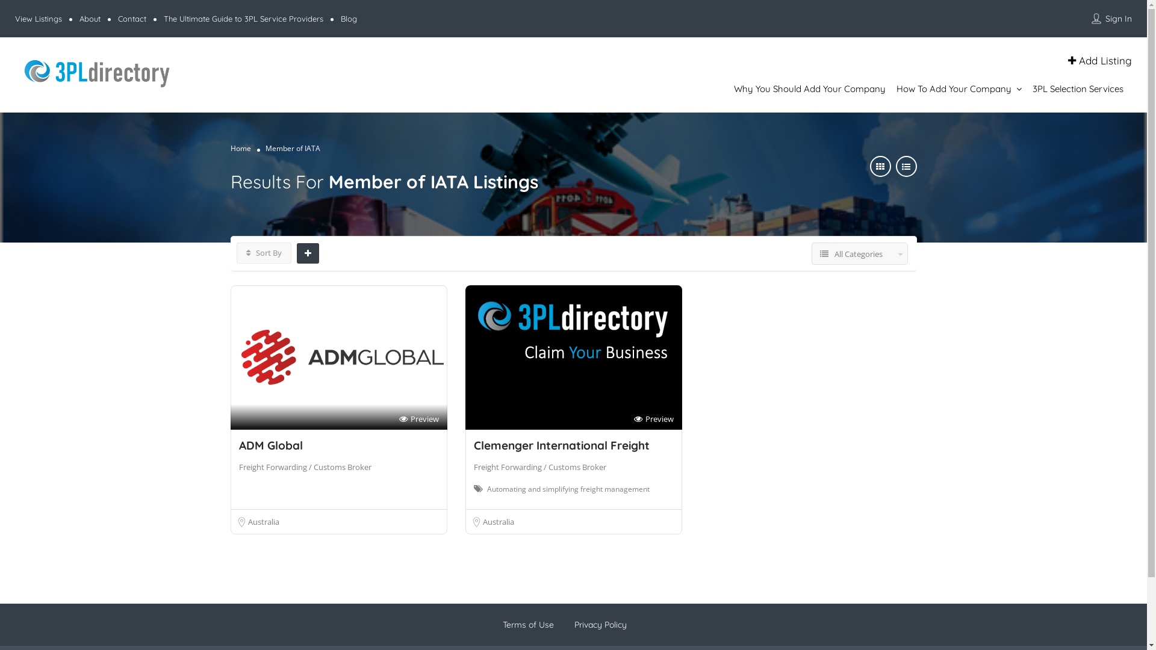  What do you see at coordinates (652, 418) in the screenshot?
I see `'Preview'` at bounding box center [652, 418].